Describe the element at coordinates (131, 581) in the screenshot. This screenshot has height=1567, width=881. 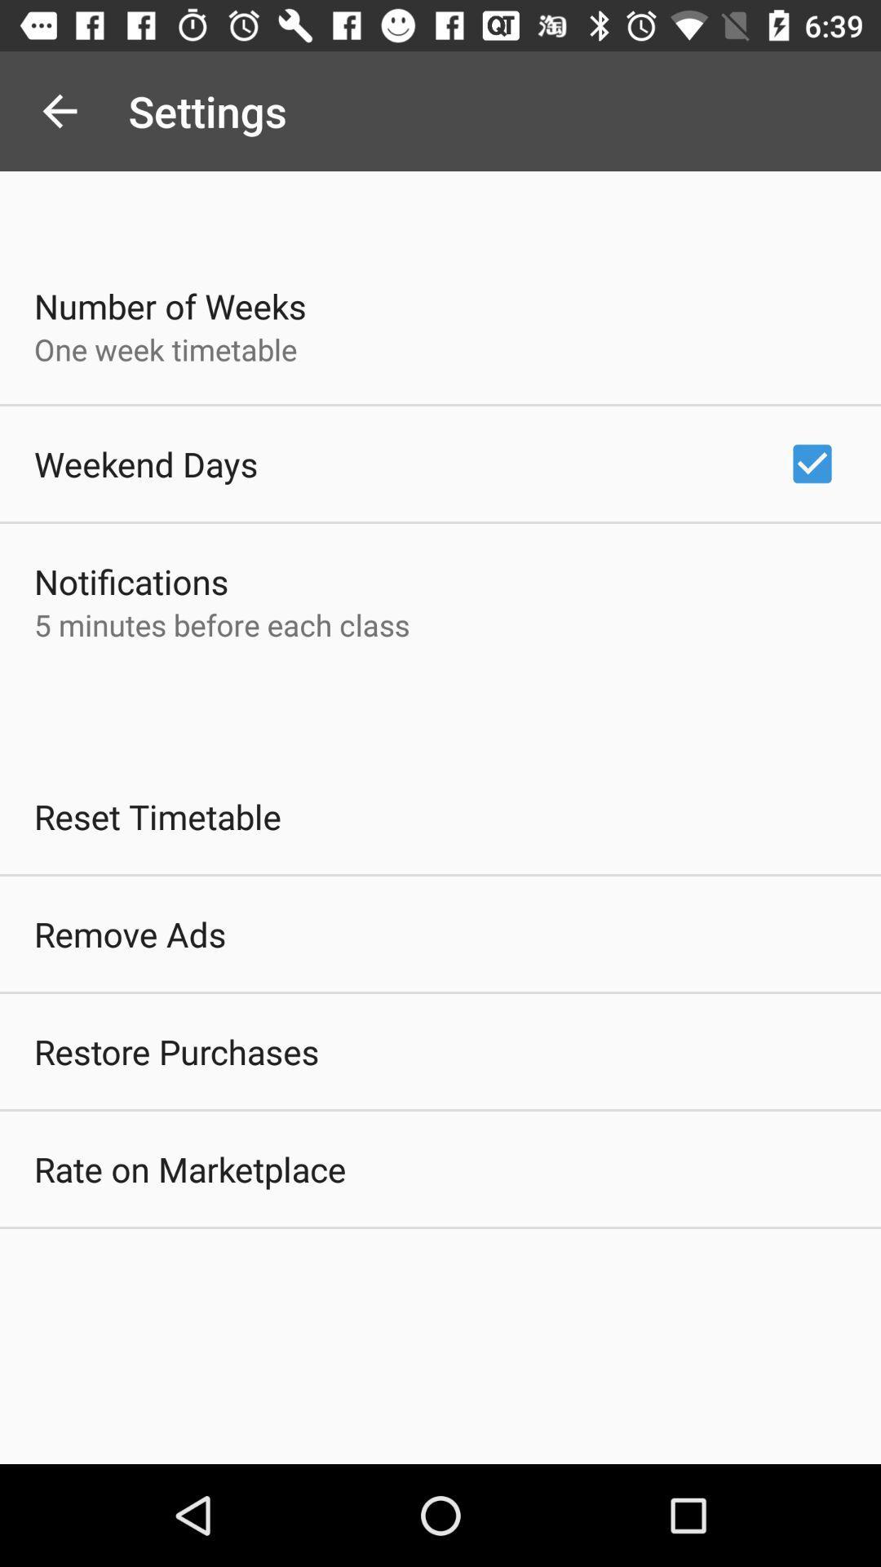
I see `notifications app` at that location.